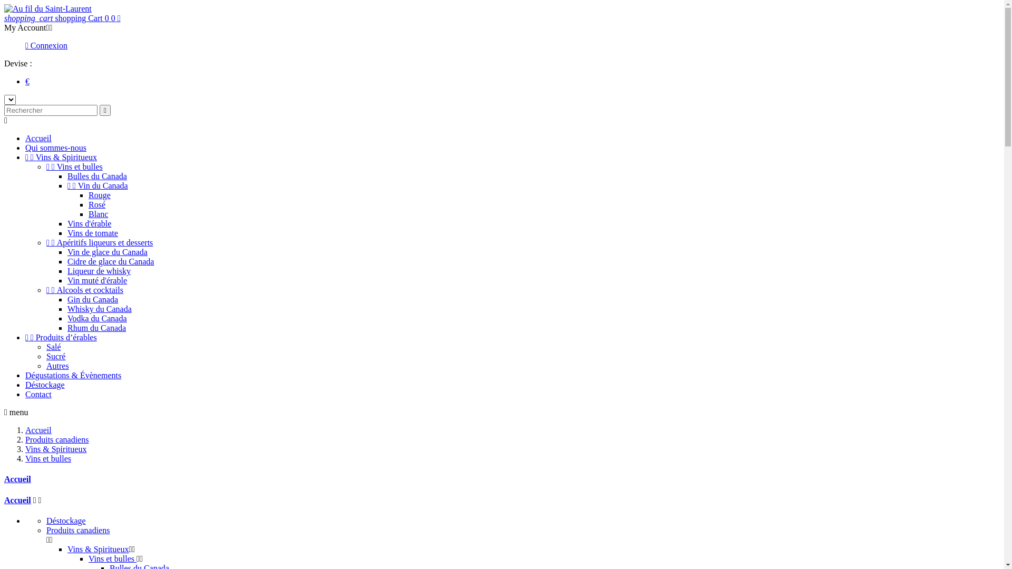 Image resolution: width=1012 pixels, height=569 pixels. Describe the element at coordinates (108, 252) in the screenshot. I see `'Vin de glace du Canada'` at that location.